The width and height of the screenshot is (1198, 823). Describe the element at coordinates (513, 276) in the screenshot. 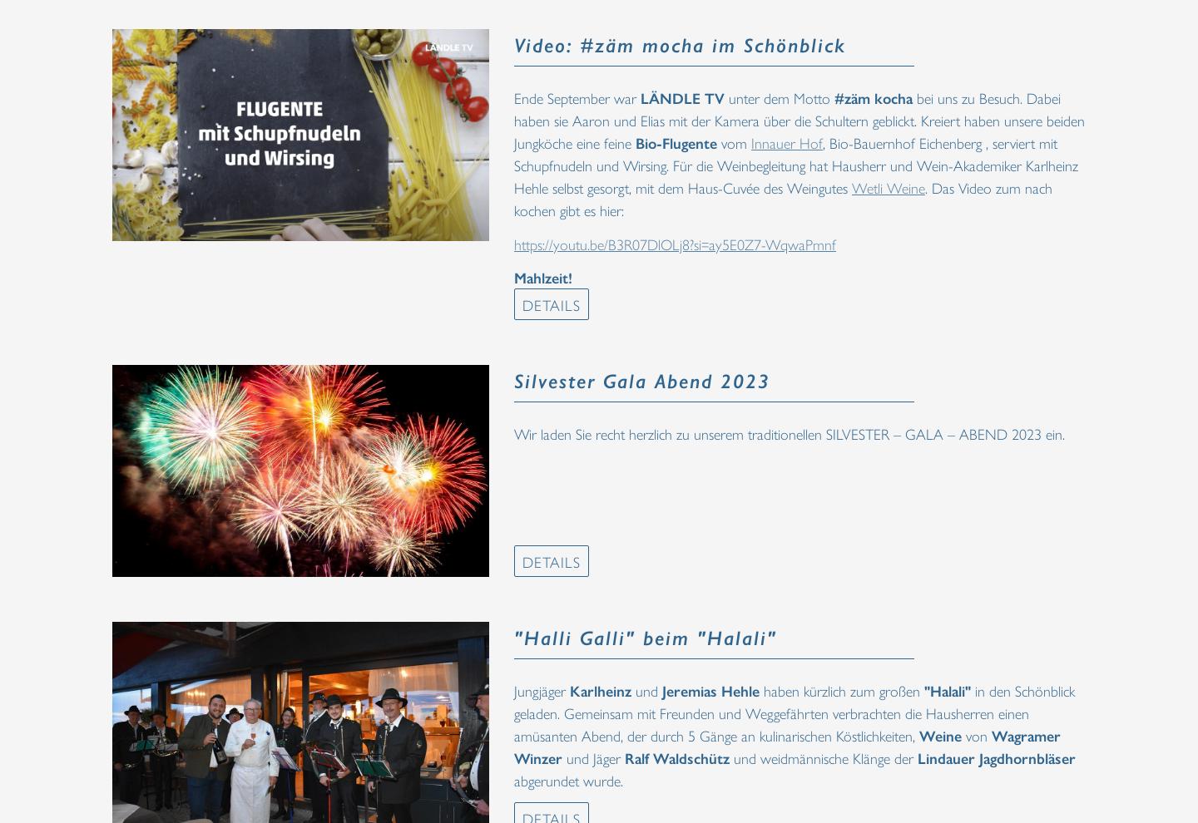

I see `'Mahlzeit!'` at that location.